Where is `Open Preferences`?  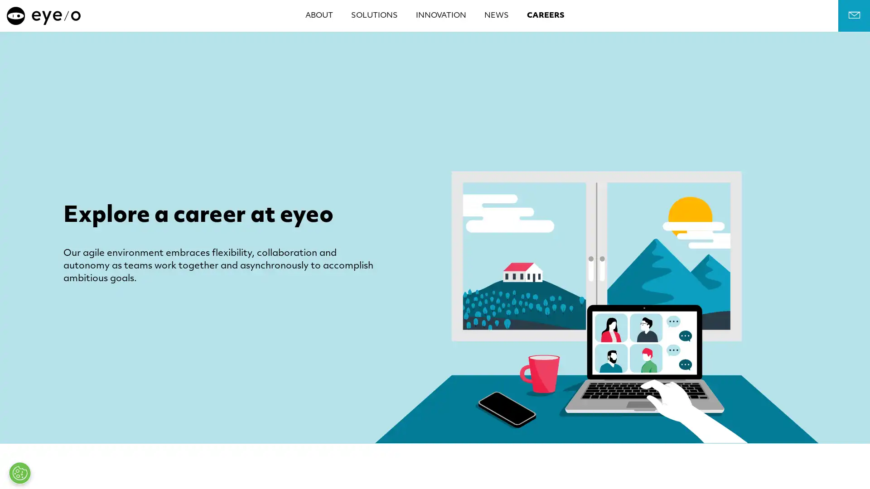
Open Preferences is located at coordinates (19, 473).